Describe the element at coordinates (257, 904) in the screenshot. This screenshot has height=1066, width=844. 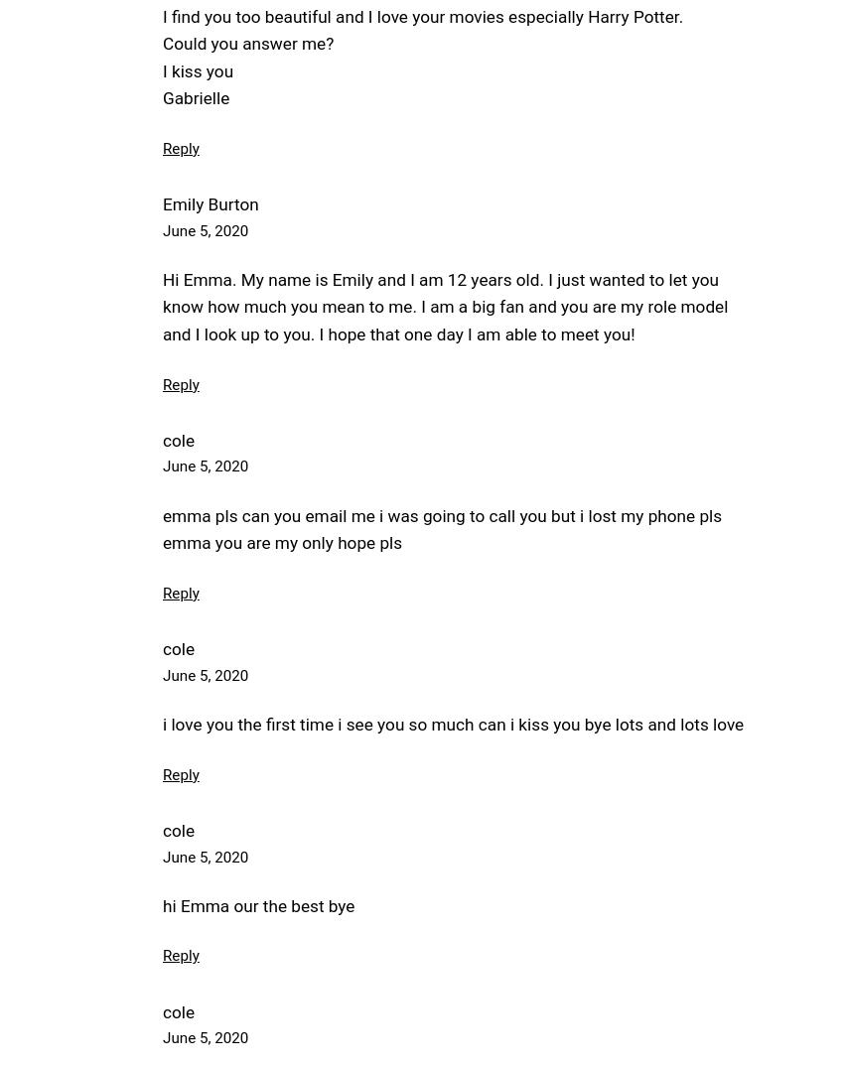
I see `'hi Emma our the best bye'` at that location.